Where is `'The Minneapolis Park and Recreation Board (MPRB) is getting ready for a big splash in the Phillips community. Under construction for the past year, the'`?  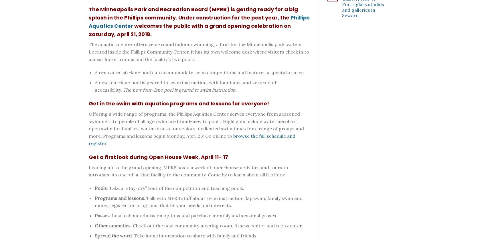 'The Minneapolis Park and Recreation Board (MPRB) is getting ready for a big splash in the Phillips community. Under construction for the past year, the' is located at coordinates (193, 13).